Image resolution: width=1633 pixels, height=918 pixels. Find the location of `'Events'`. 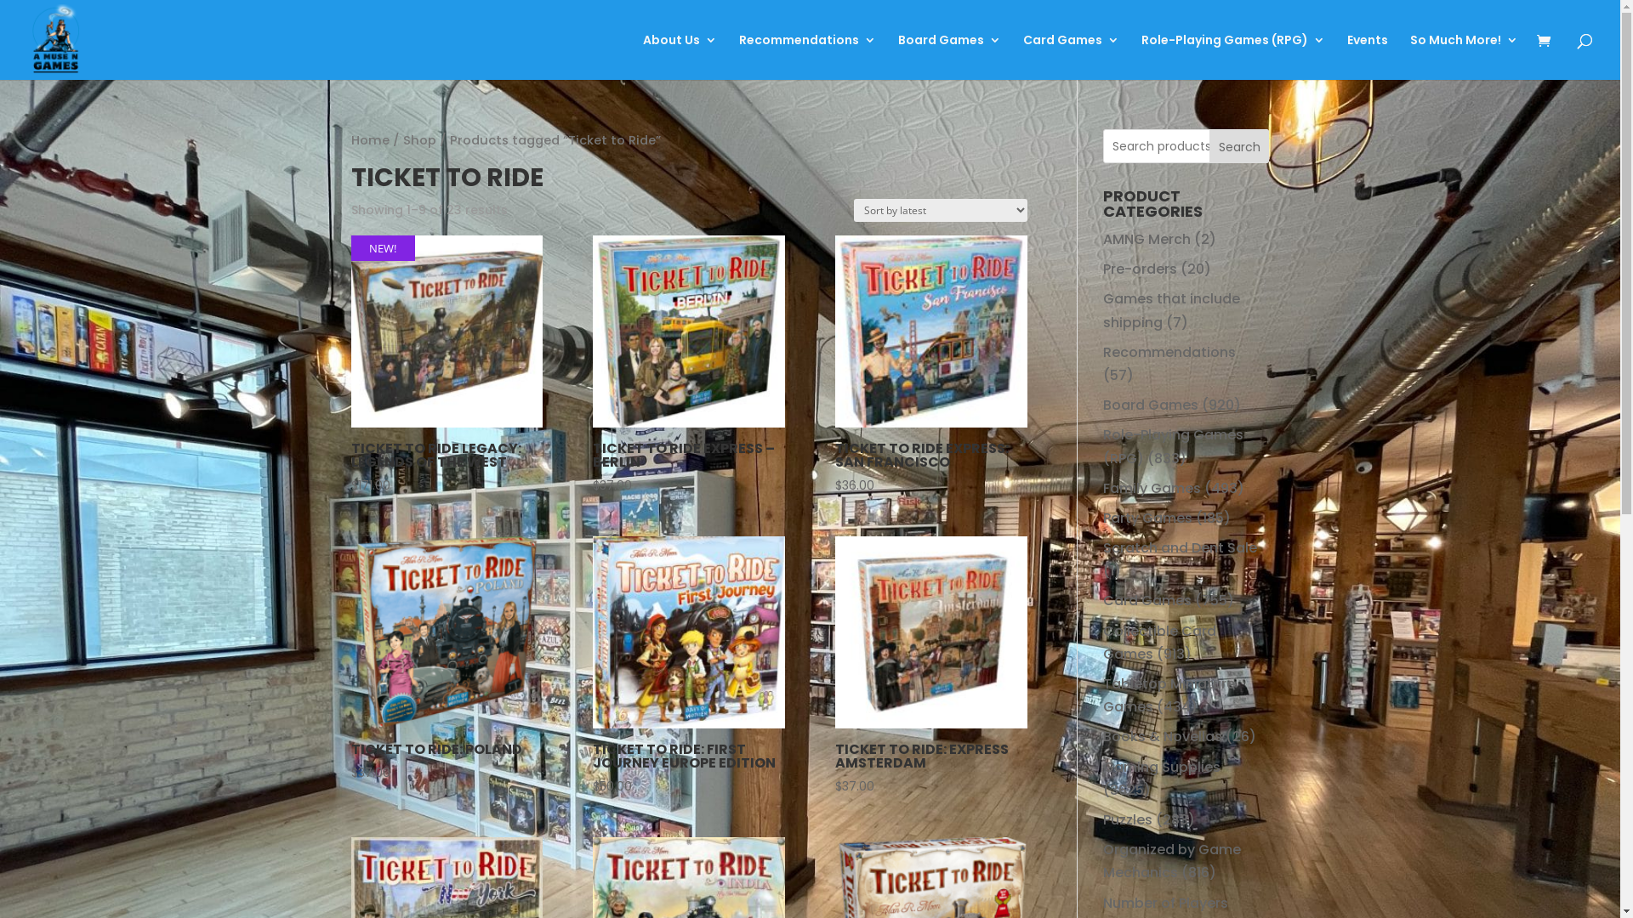

'Events' is located at coordinates (1368, 55).